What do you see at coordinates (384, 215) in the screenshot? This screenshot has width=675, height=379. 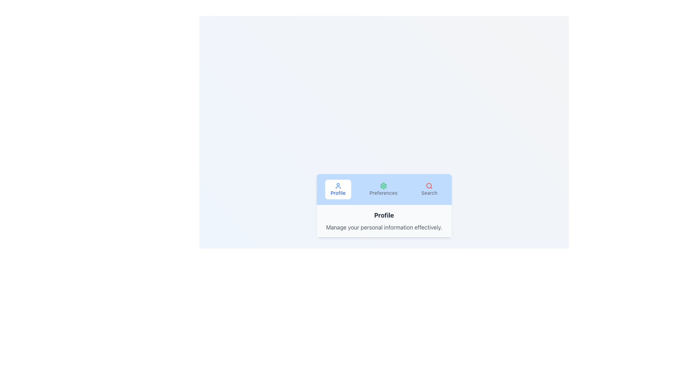 I see `the static text label that indicates the title or subject of the section, which is centrally located within the light gray rectangular card above the description 'Manage your personal information effectively.'` at bounding box center [384, 215].